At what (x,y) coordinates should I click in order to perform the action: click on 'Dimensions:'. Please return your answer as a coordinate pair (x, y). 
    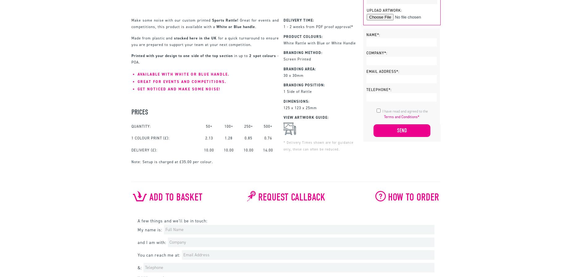
    Looking at the image, I should click on (296, 101).